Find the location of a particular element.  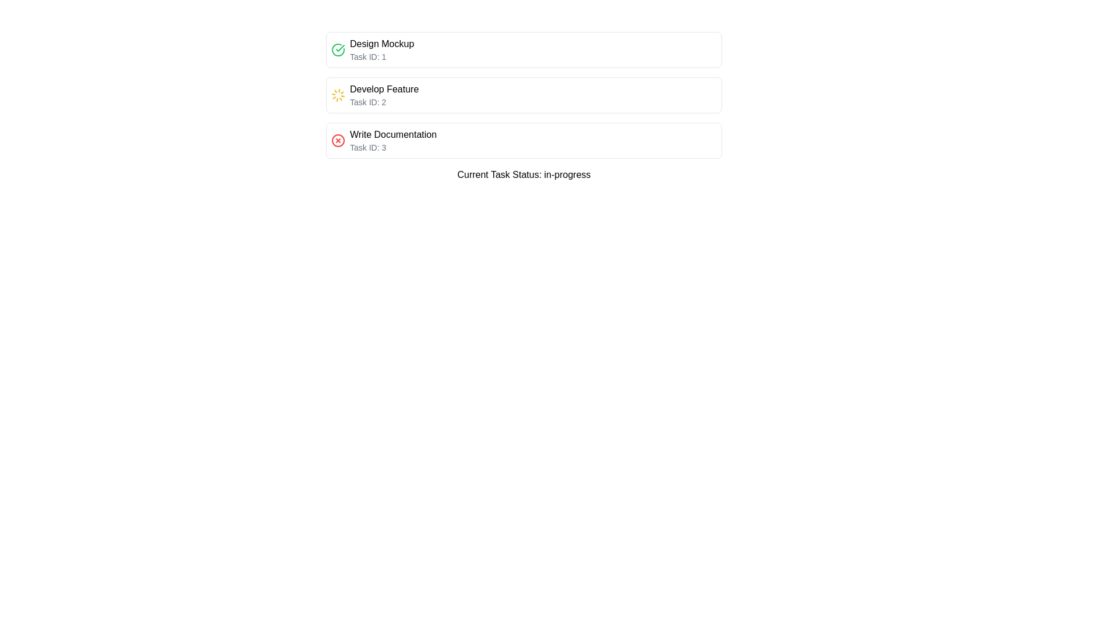

the Static Text Component that displays the title and ID of a task item, located as the third item in the vertical task list is located at coordinates (393, 140).